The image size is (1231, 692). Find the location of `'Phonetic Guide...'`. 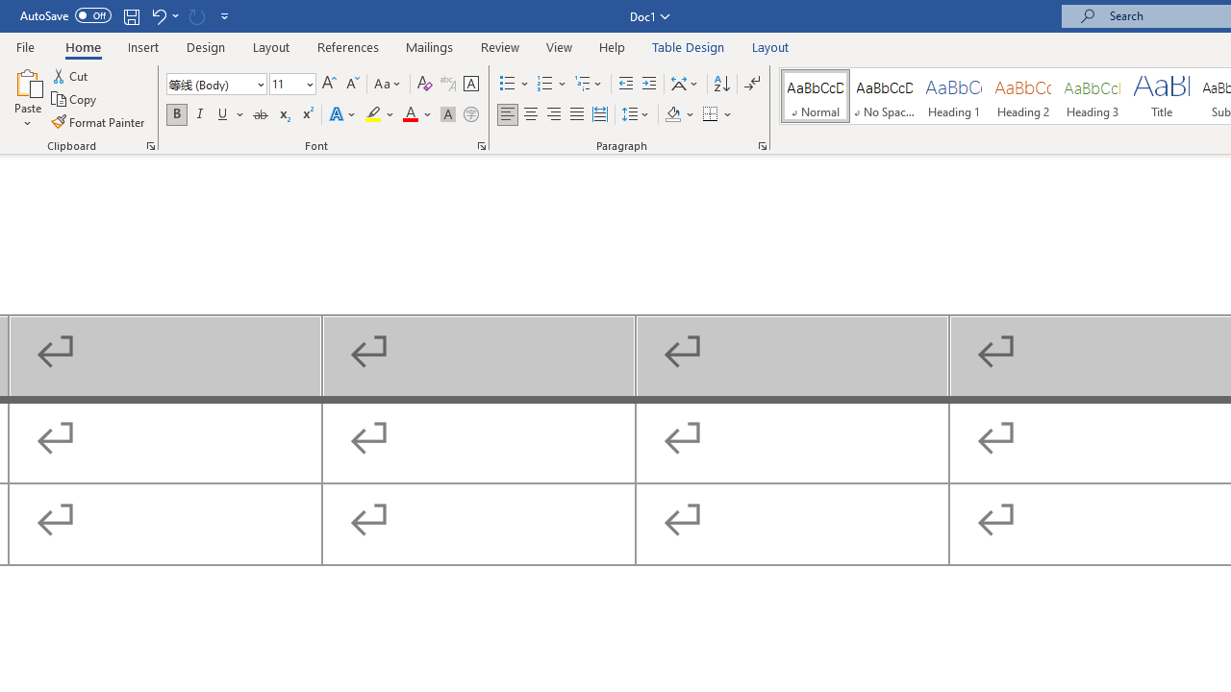

'Phonetic Guide...' is located at coordinates (446, 83).